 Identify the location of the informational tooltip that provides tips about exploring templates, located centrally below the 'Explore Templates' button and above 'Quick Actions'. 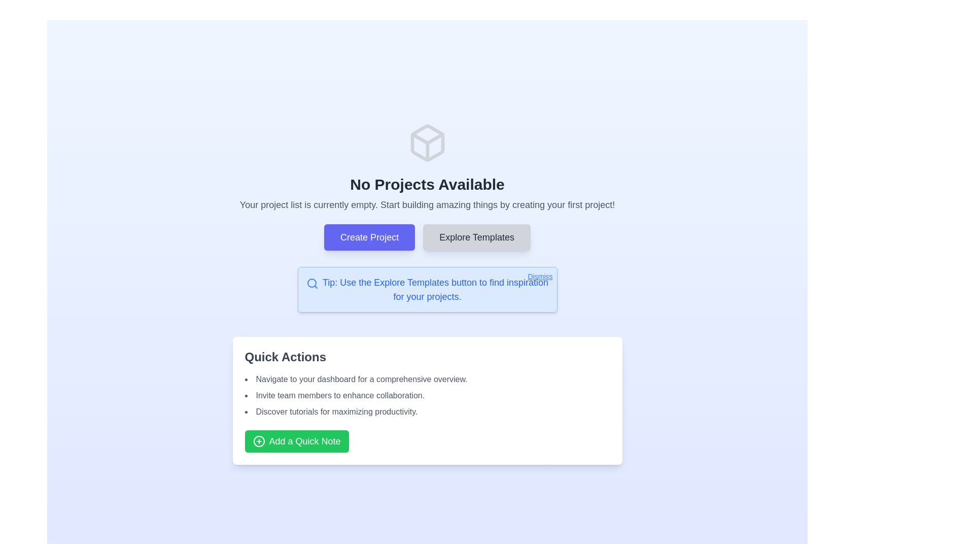
(427, 289).